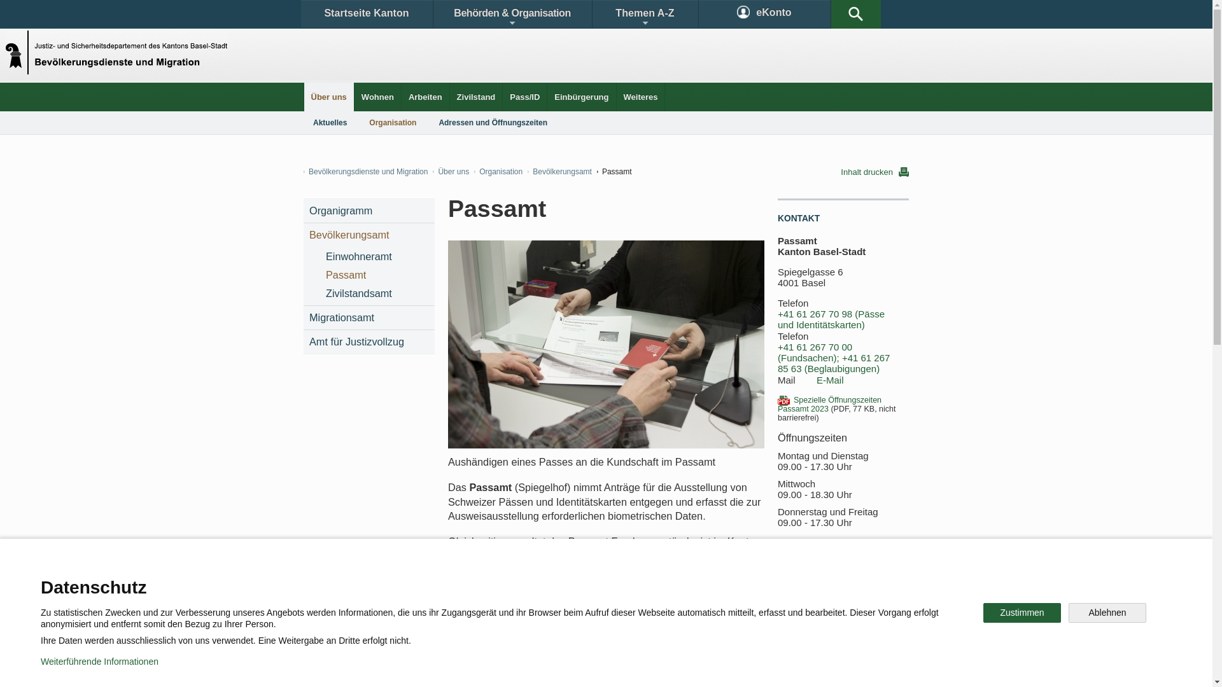  Describe the element at coordinates (377, 293) in the screenshot. I see `'Zivilstandsamt'` at that location.